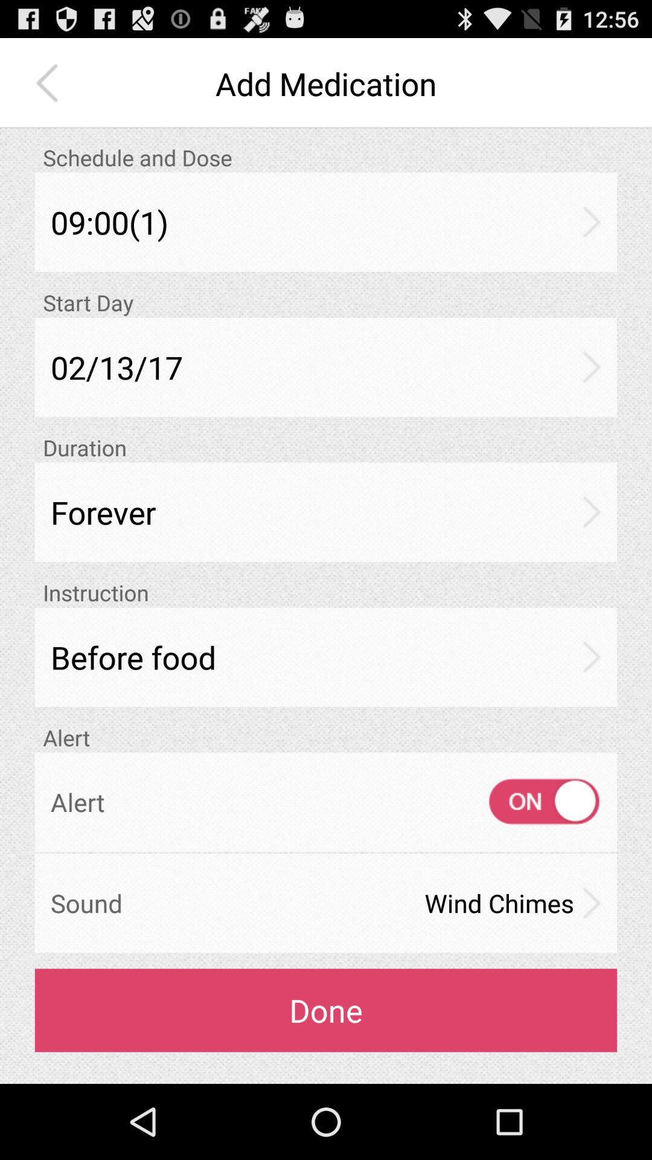 The height and width of the screenshot is (1160, 652). I want to click on the 09:00(1) item, so click(326, 222).